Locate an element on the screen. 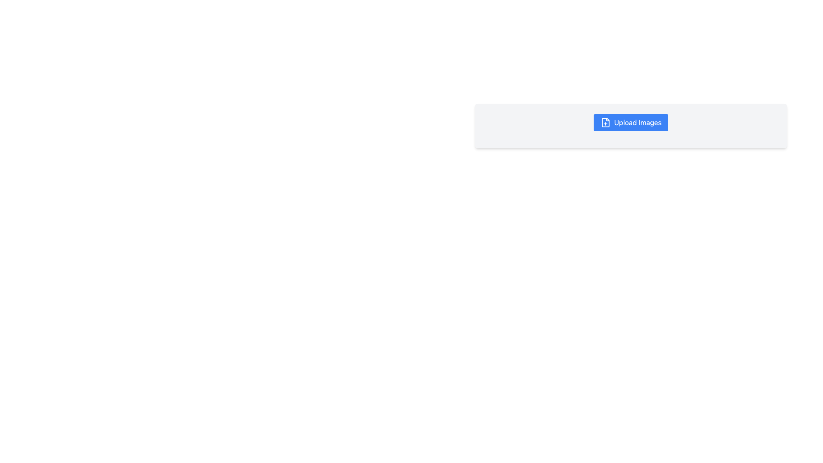  the 'Upload Images' button, which has a blue background and white text, to initiate the upload process is located at coordinates (631, 122).